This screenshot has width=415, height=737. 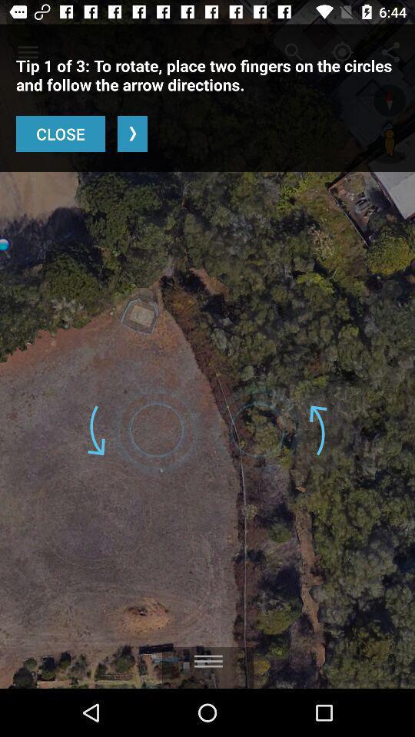 What do you see at coordinates (207, 655) in the screenshot?
I see `the menu icon` at bounding box center [207, 655].